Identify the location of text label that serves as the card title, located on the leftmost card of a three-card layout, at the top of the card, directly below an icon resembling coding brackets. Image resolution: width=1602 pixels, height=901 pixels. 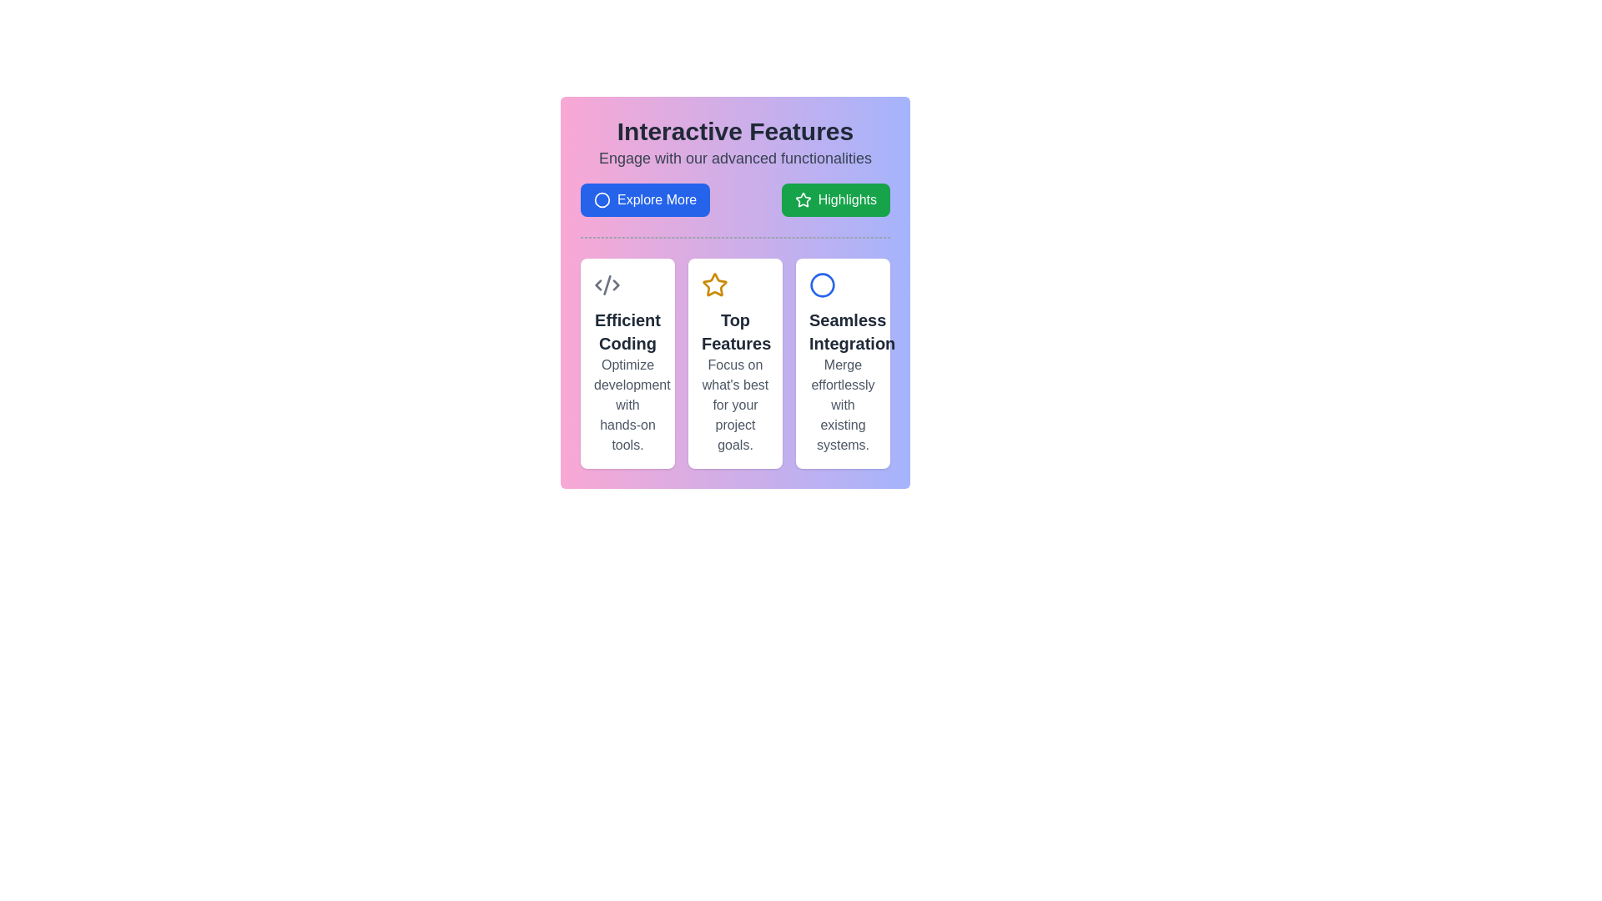
(627, 331).